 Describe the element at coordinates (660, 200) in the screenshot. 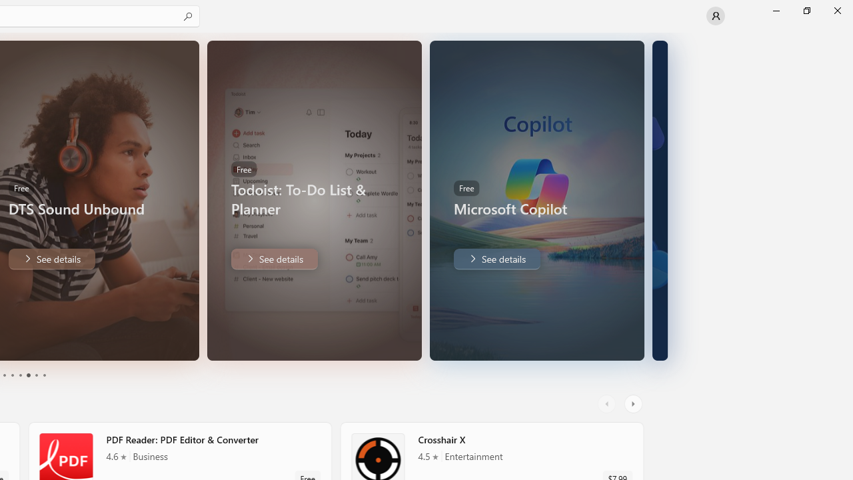

I see `'AutomationID: Image'` at that location.